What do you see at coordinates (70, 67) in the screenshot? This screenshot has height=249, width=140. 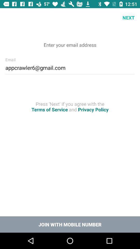 I see `appcrawler6@gmail.com` at bounding box center [70, 67].